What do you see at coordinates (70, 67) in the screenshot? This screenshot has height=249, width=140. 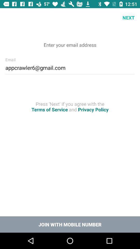 I see `appcrawler6@gmail.com` at bounding box center [70, 67].